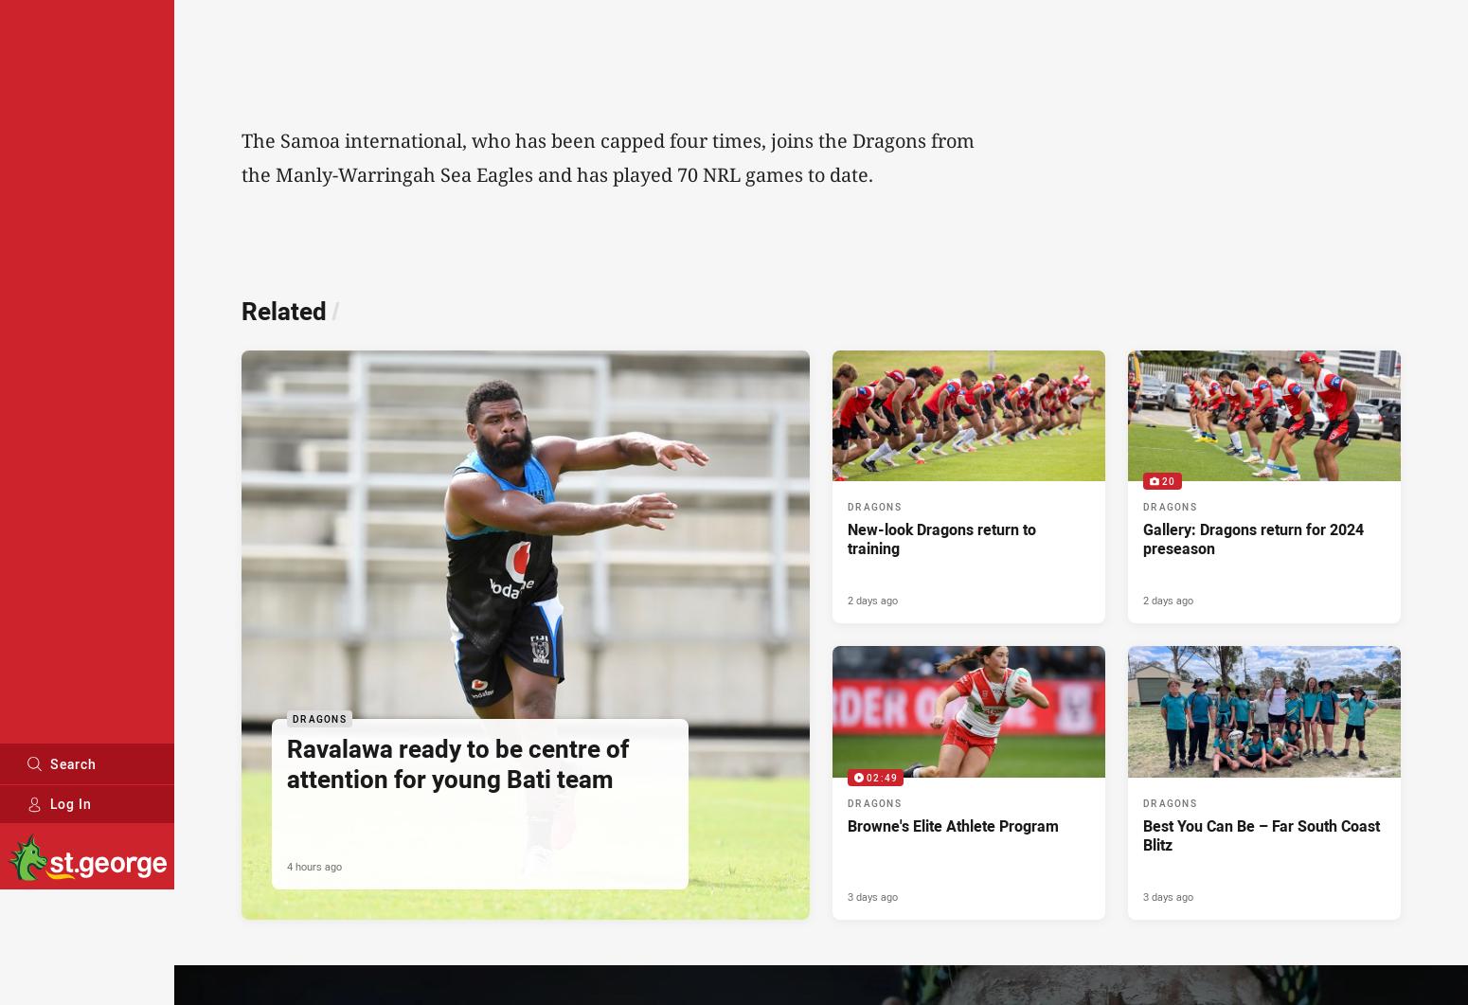 The height and width of the screenshot is (1005, 1468). What do you see at coordinates (1142, 538) in the screenshot?
I see `'Gallery: Dragons return for 2024 preseason'` at bounding box center [1142, 538].